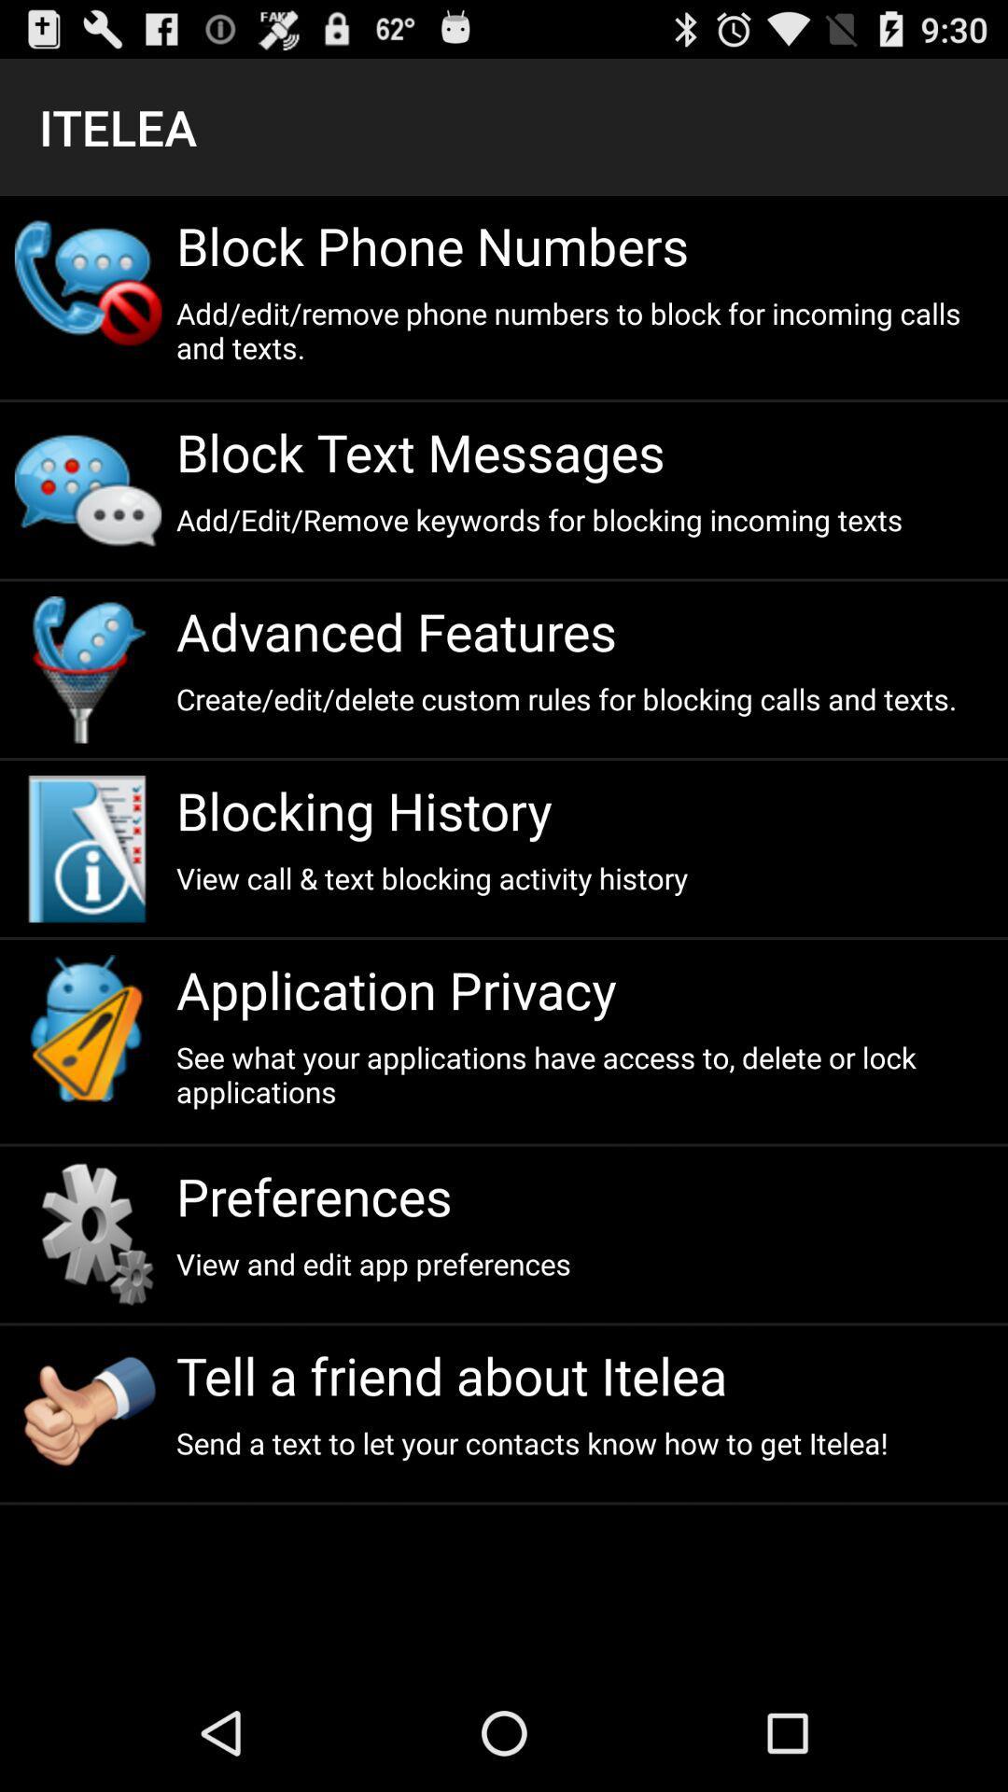  I want to click on item above see what your app, so click(583, 988).